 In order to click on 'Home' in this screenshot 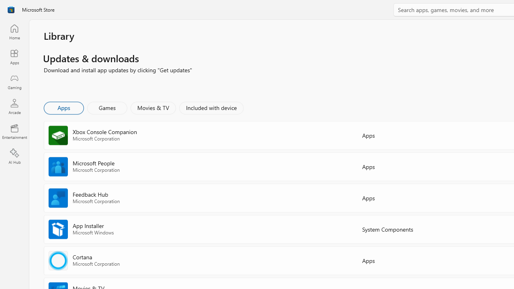, I will do `click(14, 31)`.